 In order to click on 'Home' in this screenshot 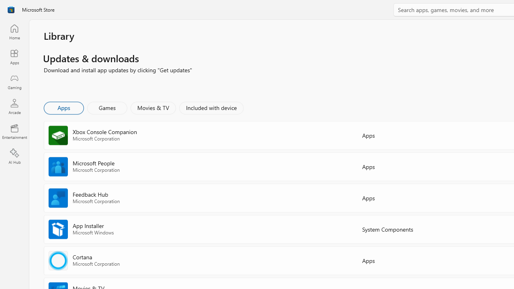, I will do `click(14, 31)`.